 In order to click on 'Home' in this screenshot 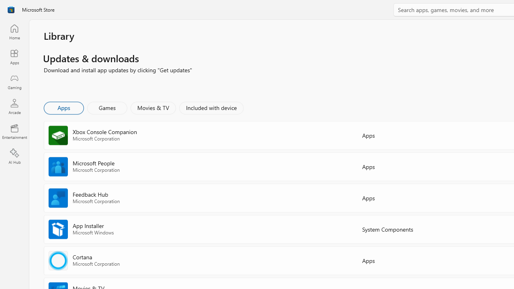, I will do `click(14, 31)`.